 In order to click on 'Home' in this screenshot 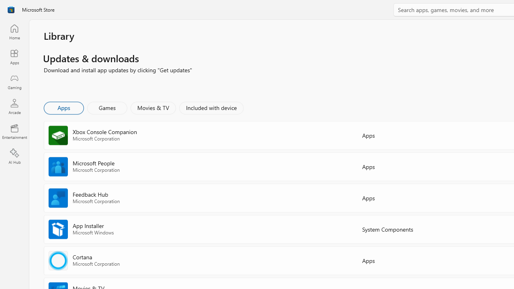, I will do `click(14, 31)`.